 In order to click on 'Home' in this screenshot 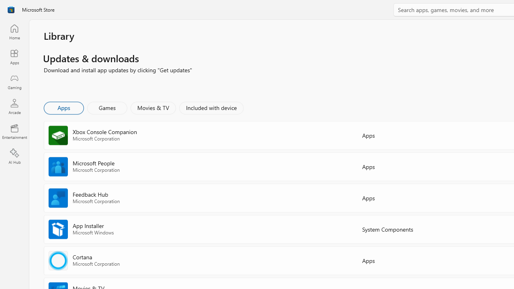, I will do `click(14, 31)`.